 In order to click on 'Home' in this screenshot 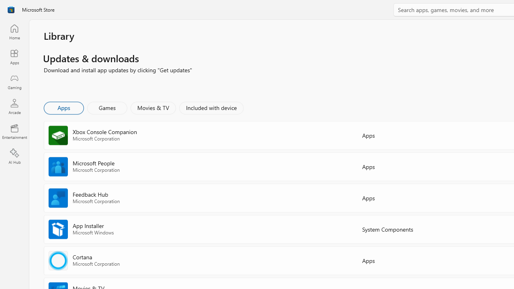, I will do `click(14, 31)`.